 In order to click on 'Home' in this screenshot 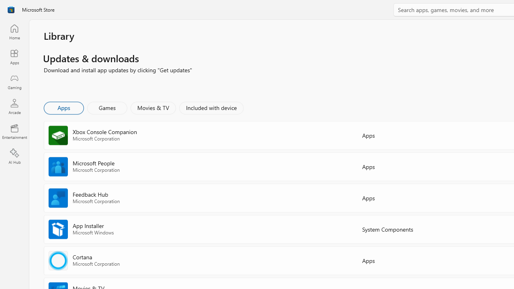, I will do `click(14, 31)`.